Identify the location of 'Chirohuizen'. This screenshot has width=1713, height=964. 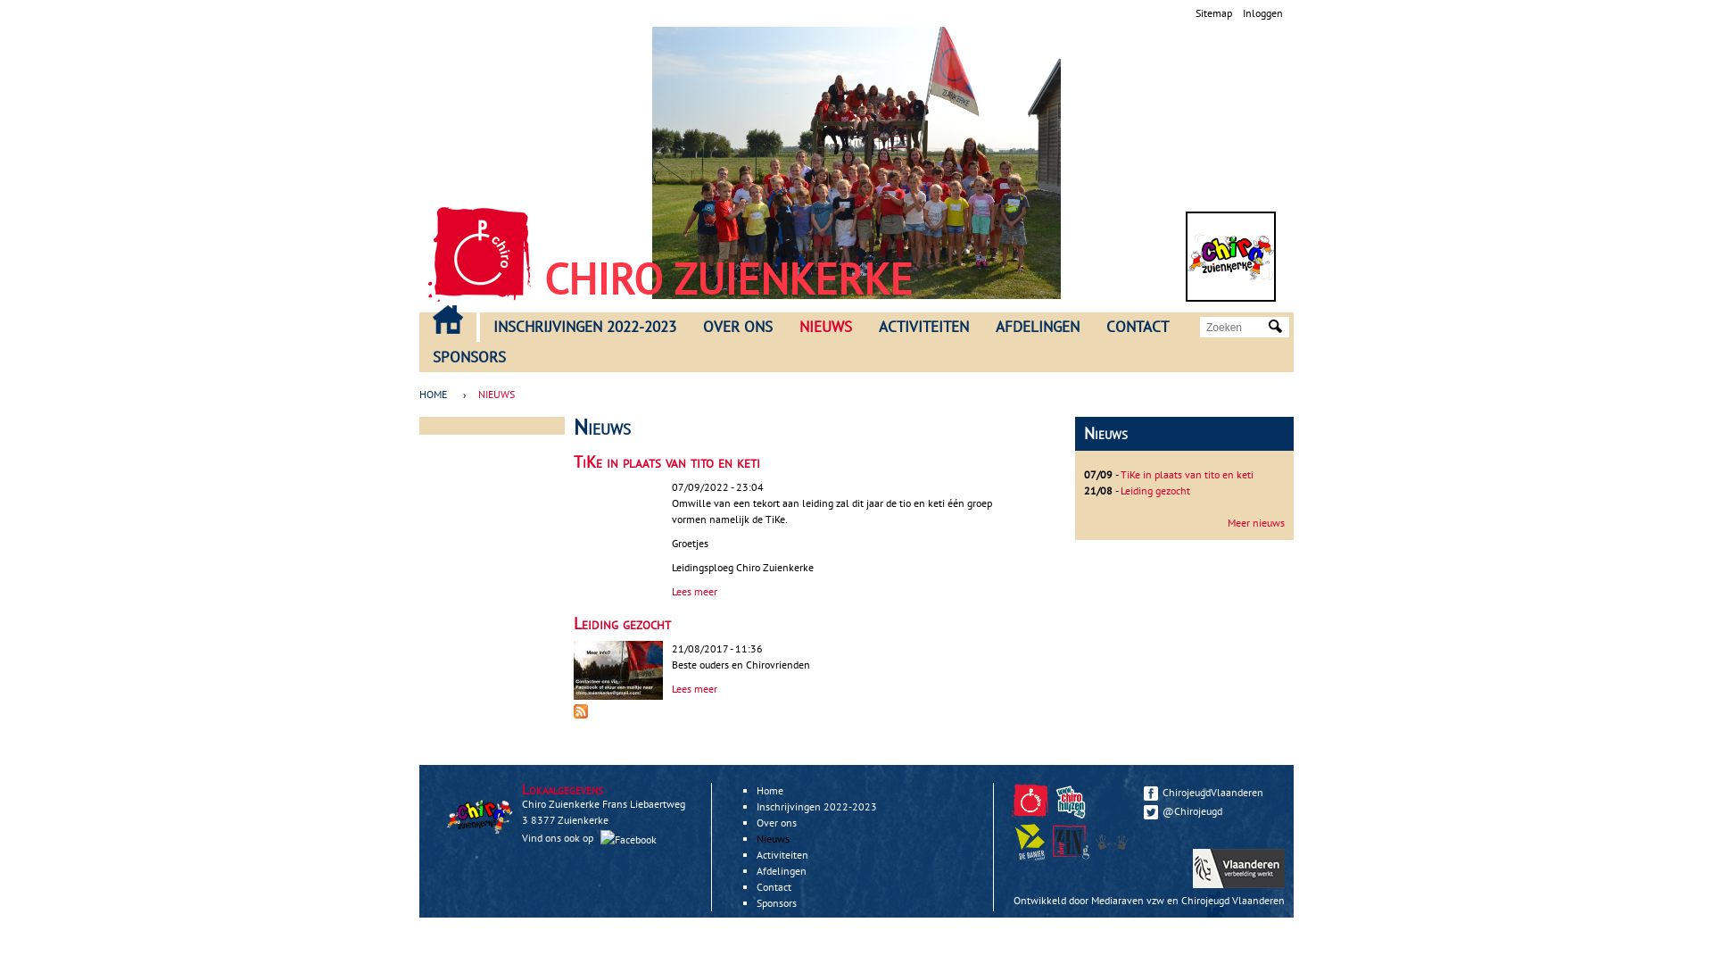
(1072, 815).